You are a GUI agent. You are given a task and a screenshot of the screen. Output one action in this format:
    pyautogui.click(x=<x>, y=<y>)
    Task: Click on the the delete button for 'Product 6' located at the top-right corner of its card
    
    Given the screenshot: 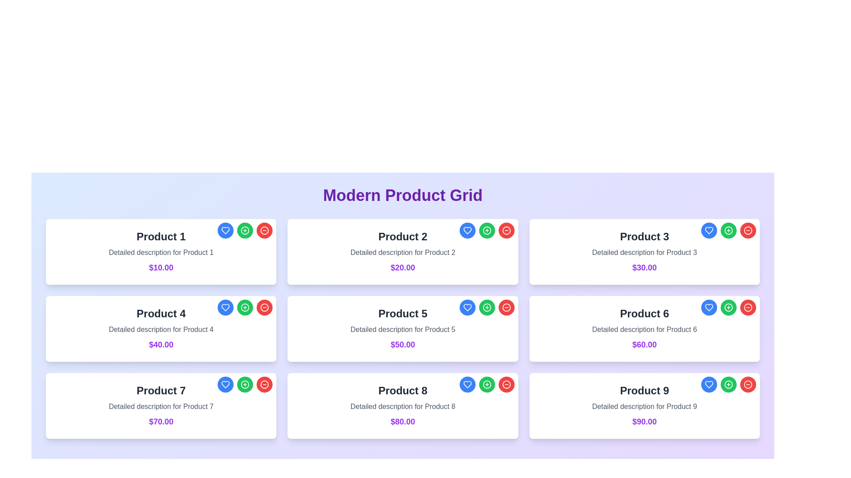 What is the action you would take?
    pyautogui.click(x=748, y=307)
    